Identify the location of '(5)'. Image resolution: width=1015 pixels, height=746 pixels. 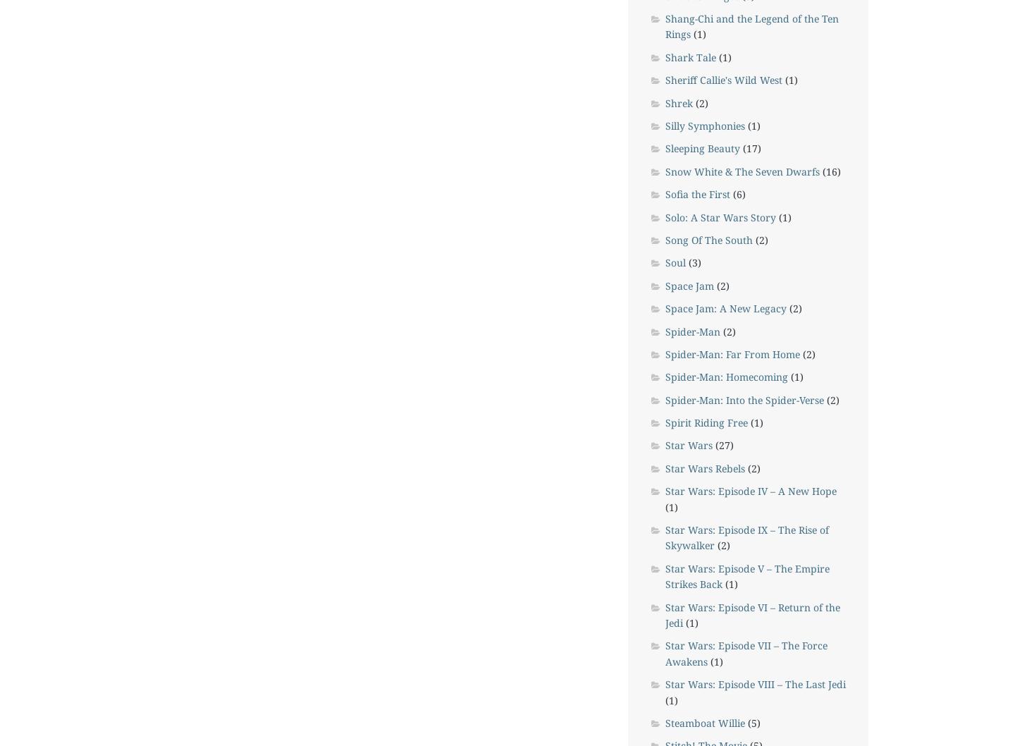
(752, 721).